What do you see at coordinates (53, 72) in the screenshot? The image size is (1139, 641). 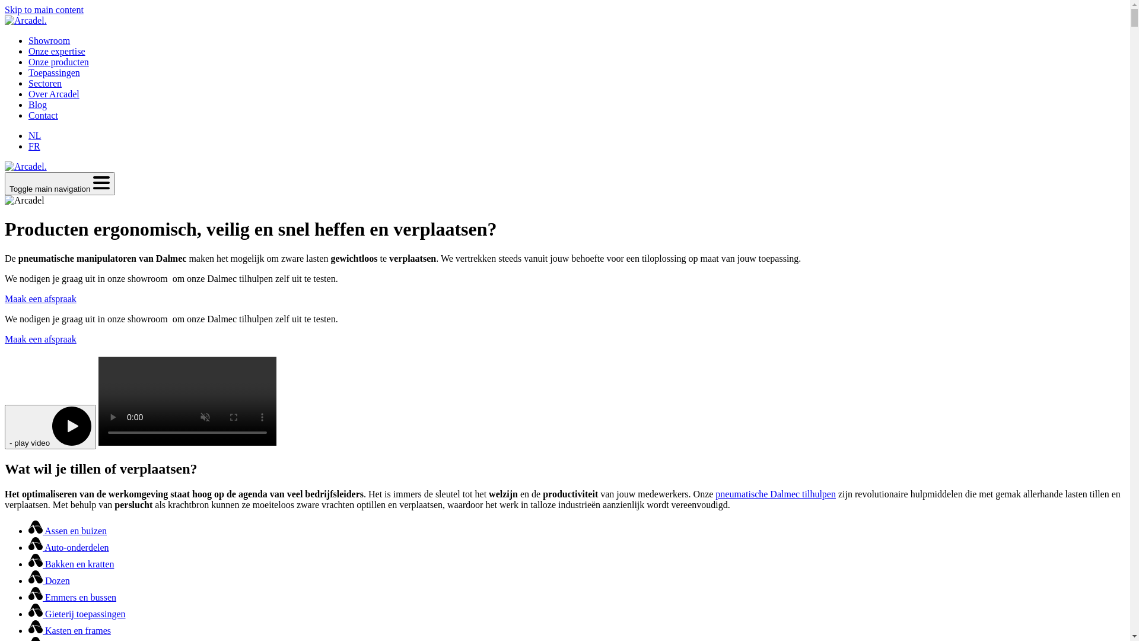 I see `'Toepassingen'` at bounding box center [53, 72].